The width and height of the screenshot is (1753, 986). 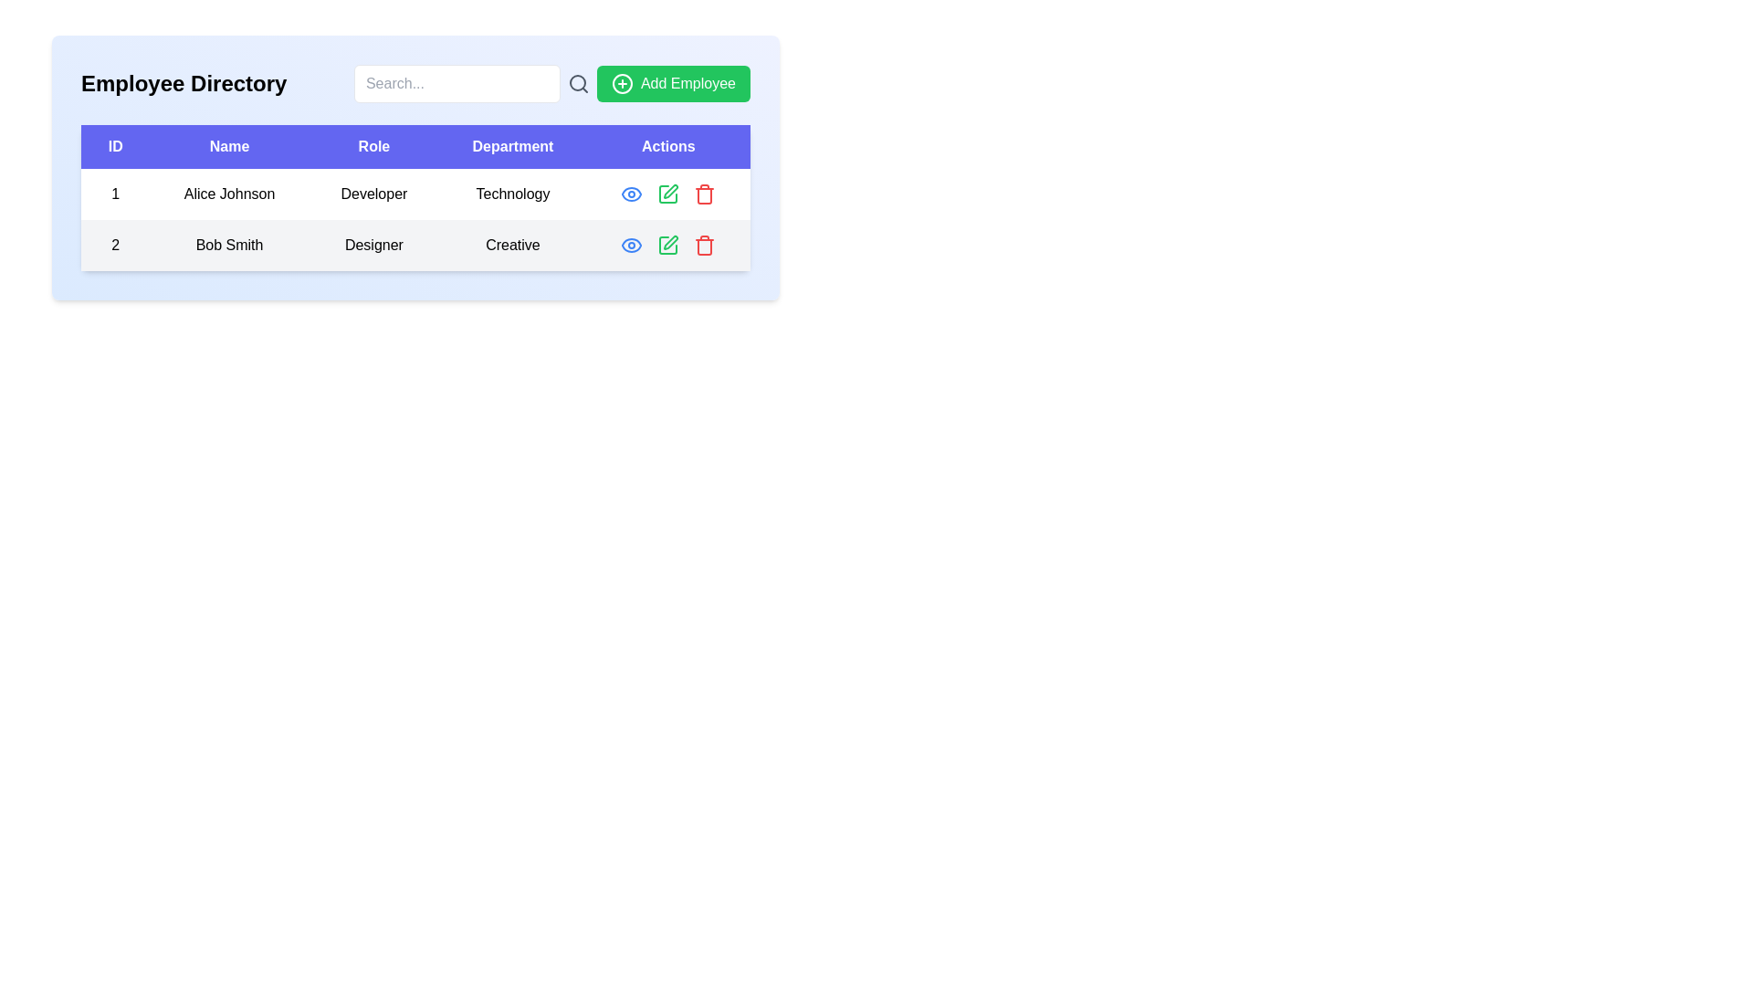 What do you see at coordinates (632, 245) in the screenshot?
I see `the 'view' icon button in the 'Actions' column corresponding to 'Alice Johnson'` at bounding box center [632, 245].